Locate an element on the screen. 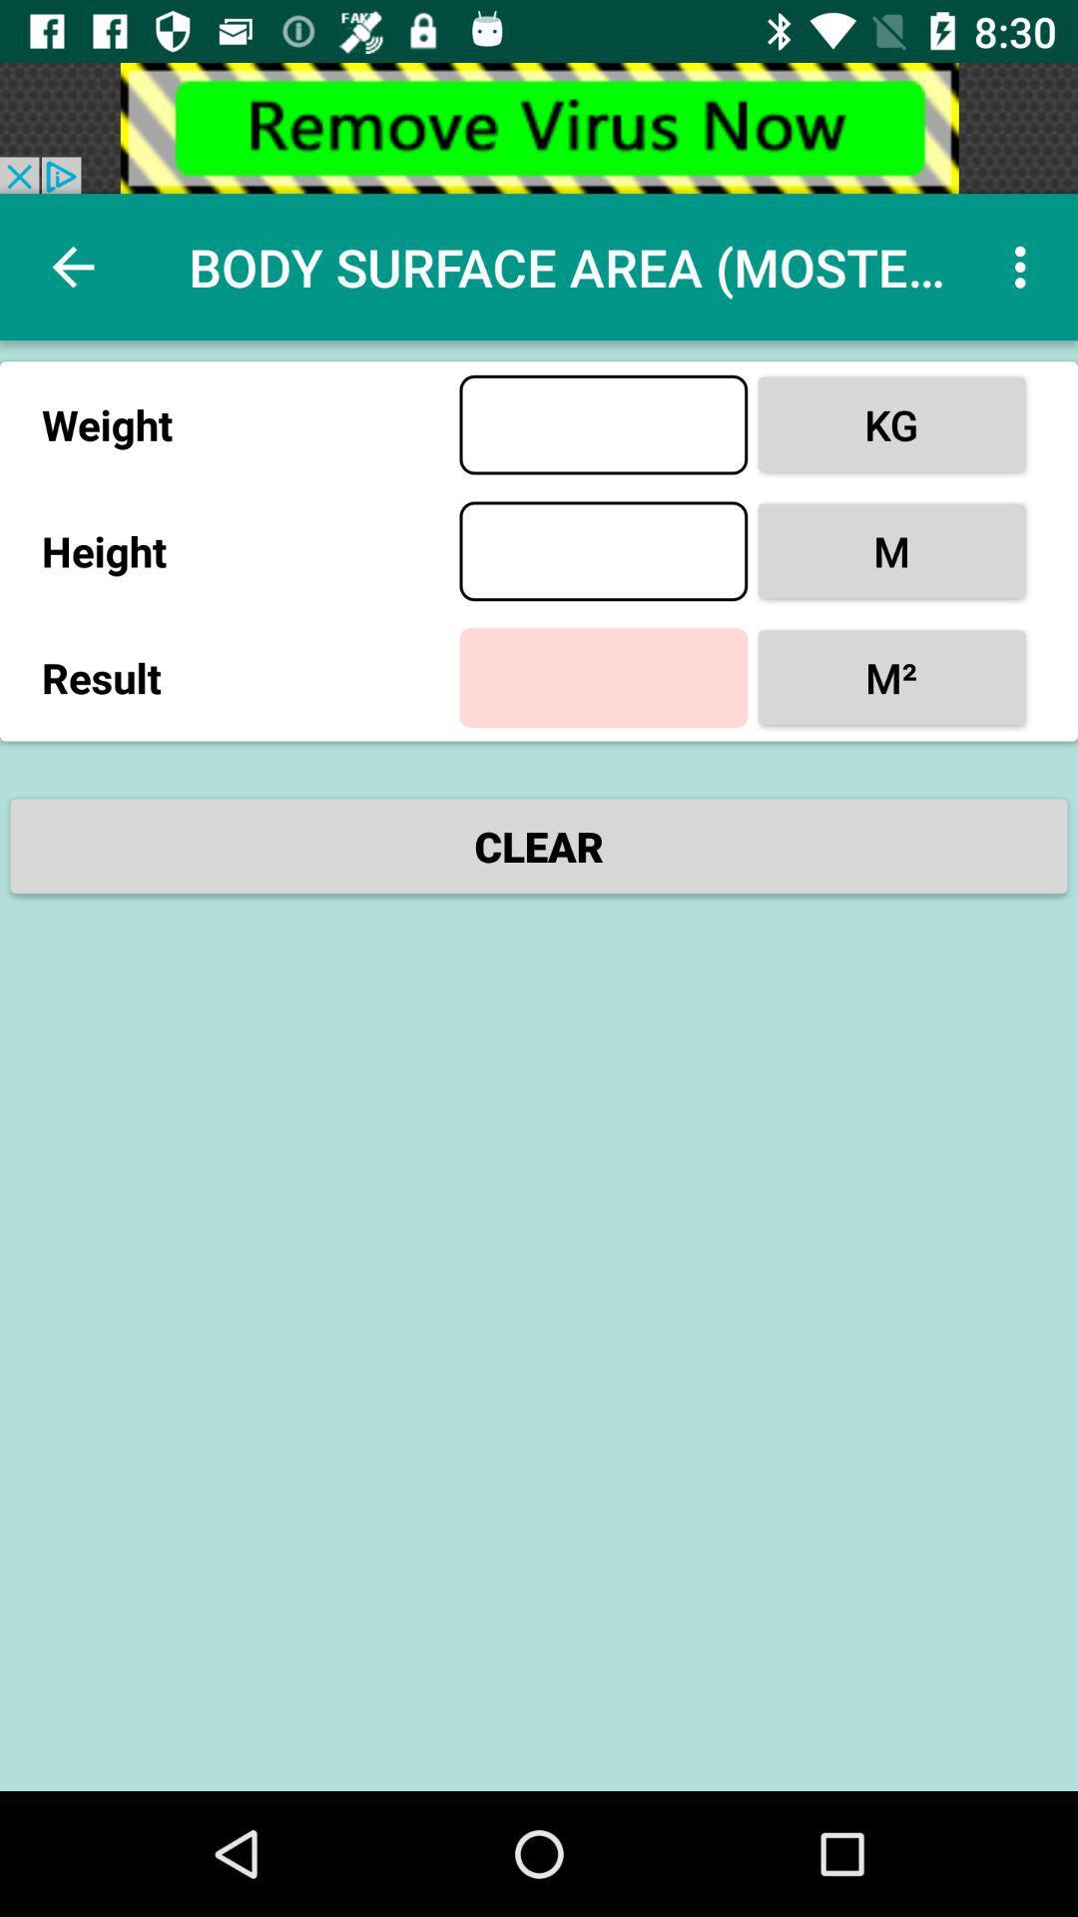  box is located at coordinates (602, 551).